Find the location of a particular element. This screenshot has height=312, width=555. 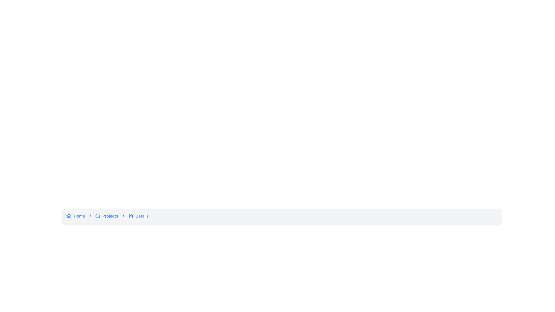

the 'Projects' text link in the breadcrumb navigation bar is located at coordinates (110, 216).